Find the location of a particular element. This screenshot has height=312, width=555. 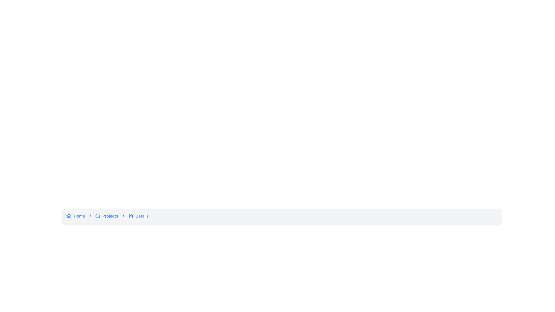

the 'Projects' text link in the breadcrumb navigation bar is located at coordinates (110, 216).